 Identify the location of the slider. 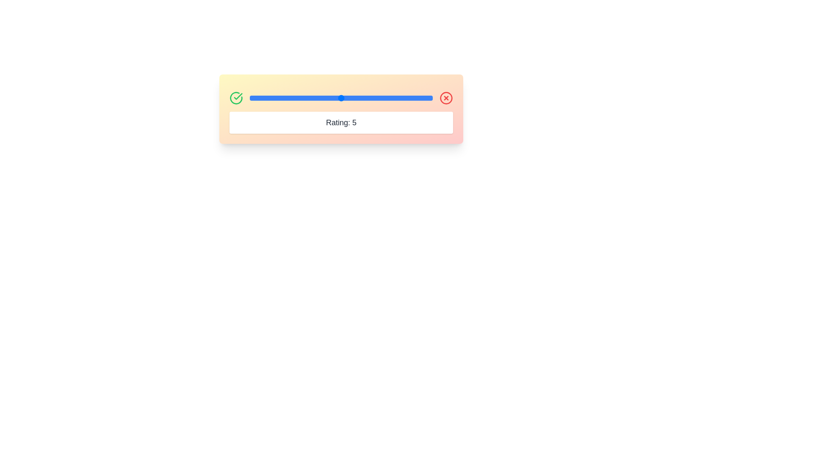
(395, 97).